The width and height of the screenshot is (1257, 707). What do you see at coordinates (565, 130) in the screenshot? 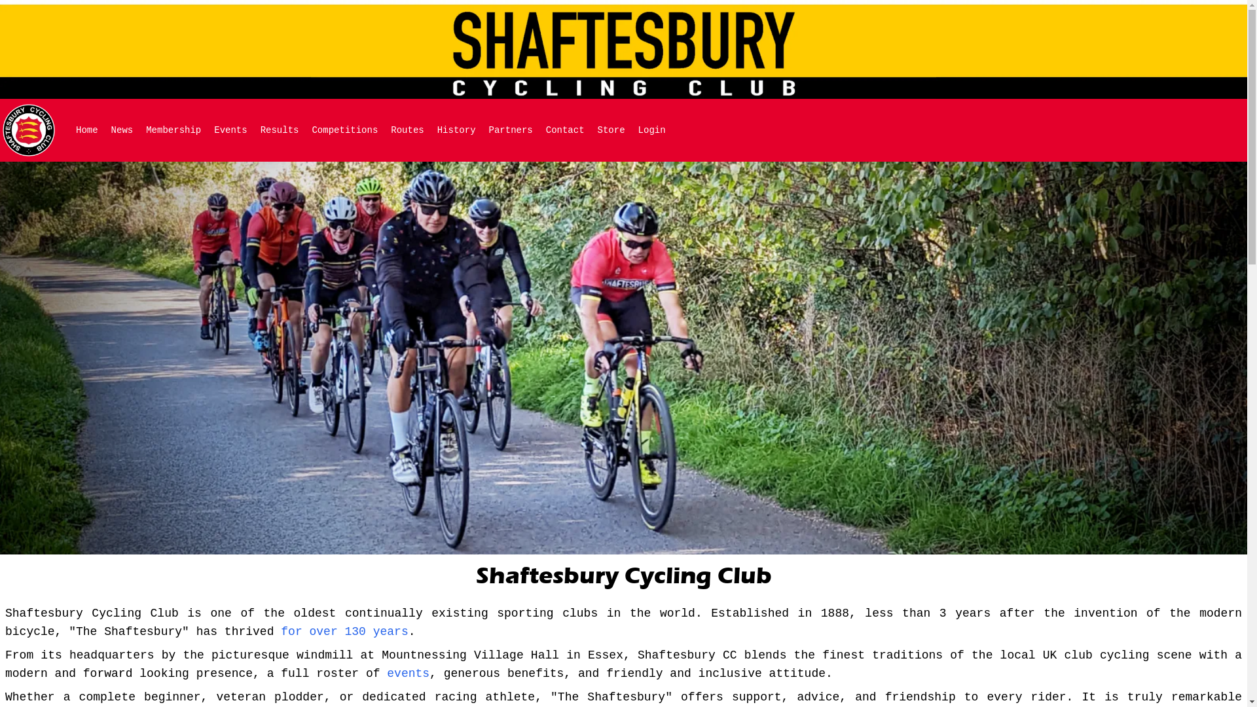
I see `'Contact'` at bounding box center [565, 130].